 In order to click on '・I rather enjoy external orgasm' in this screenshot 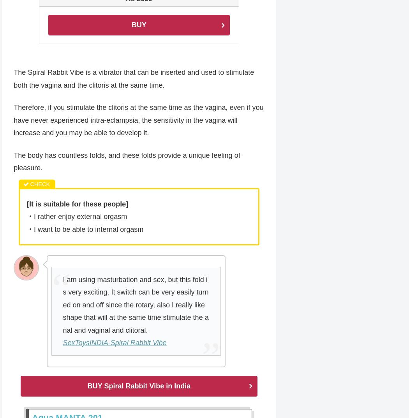, I will do `click(76, 217)`.